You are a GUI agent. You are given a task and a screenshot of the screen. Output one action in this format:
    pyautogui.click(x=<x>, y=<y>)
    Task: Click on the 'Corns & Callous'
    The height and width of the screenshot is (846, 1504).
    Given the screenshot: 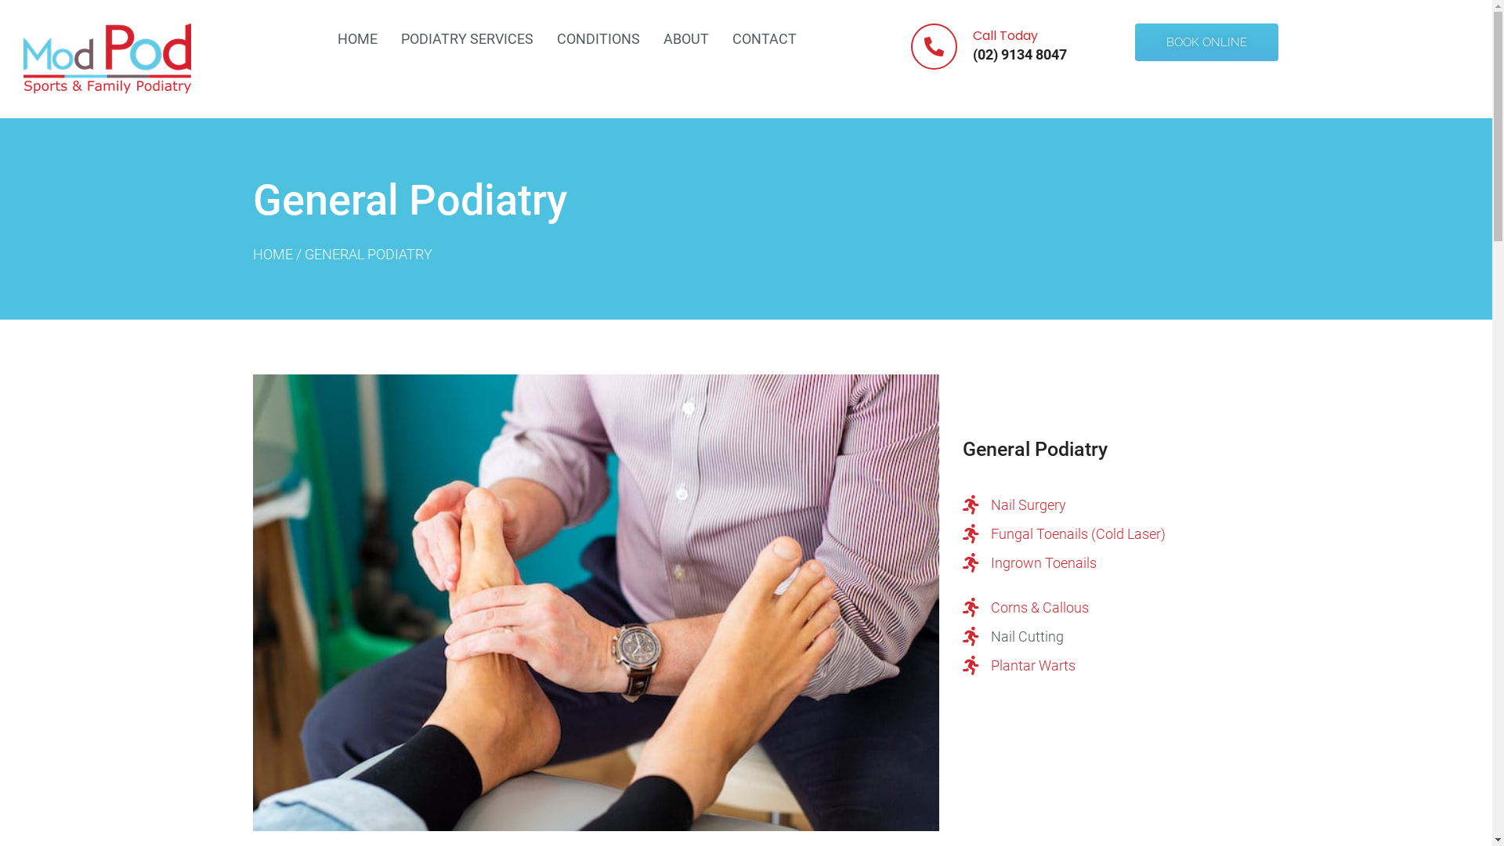 What is the action you would take?
    pyautogui.click(x=1096, y=606)
    